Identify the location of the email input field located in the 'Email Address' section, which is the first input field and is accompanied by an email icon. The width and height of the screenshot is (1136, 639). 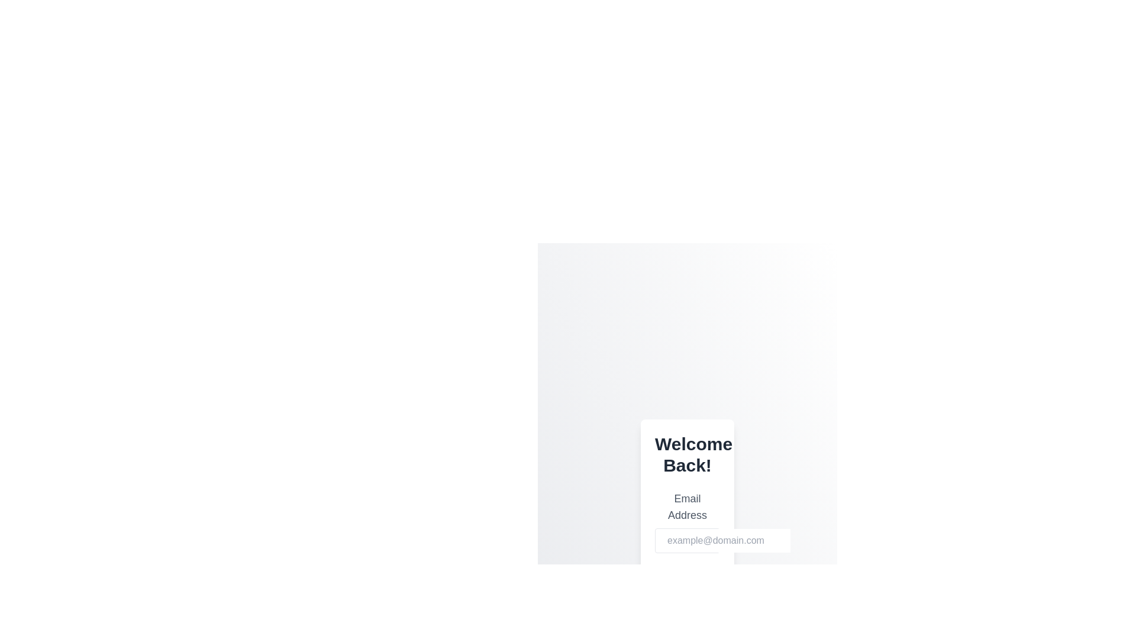
(687, 541).